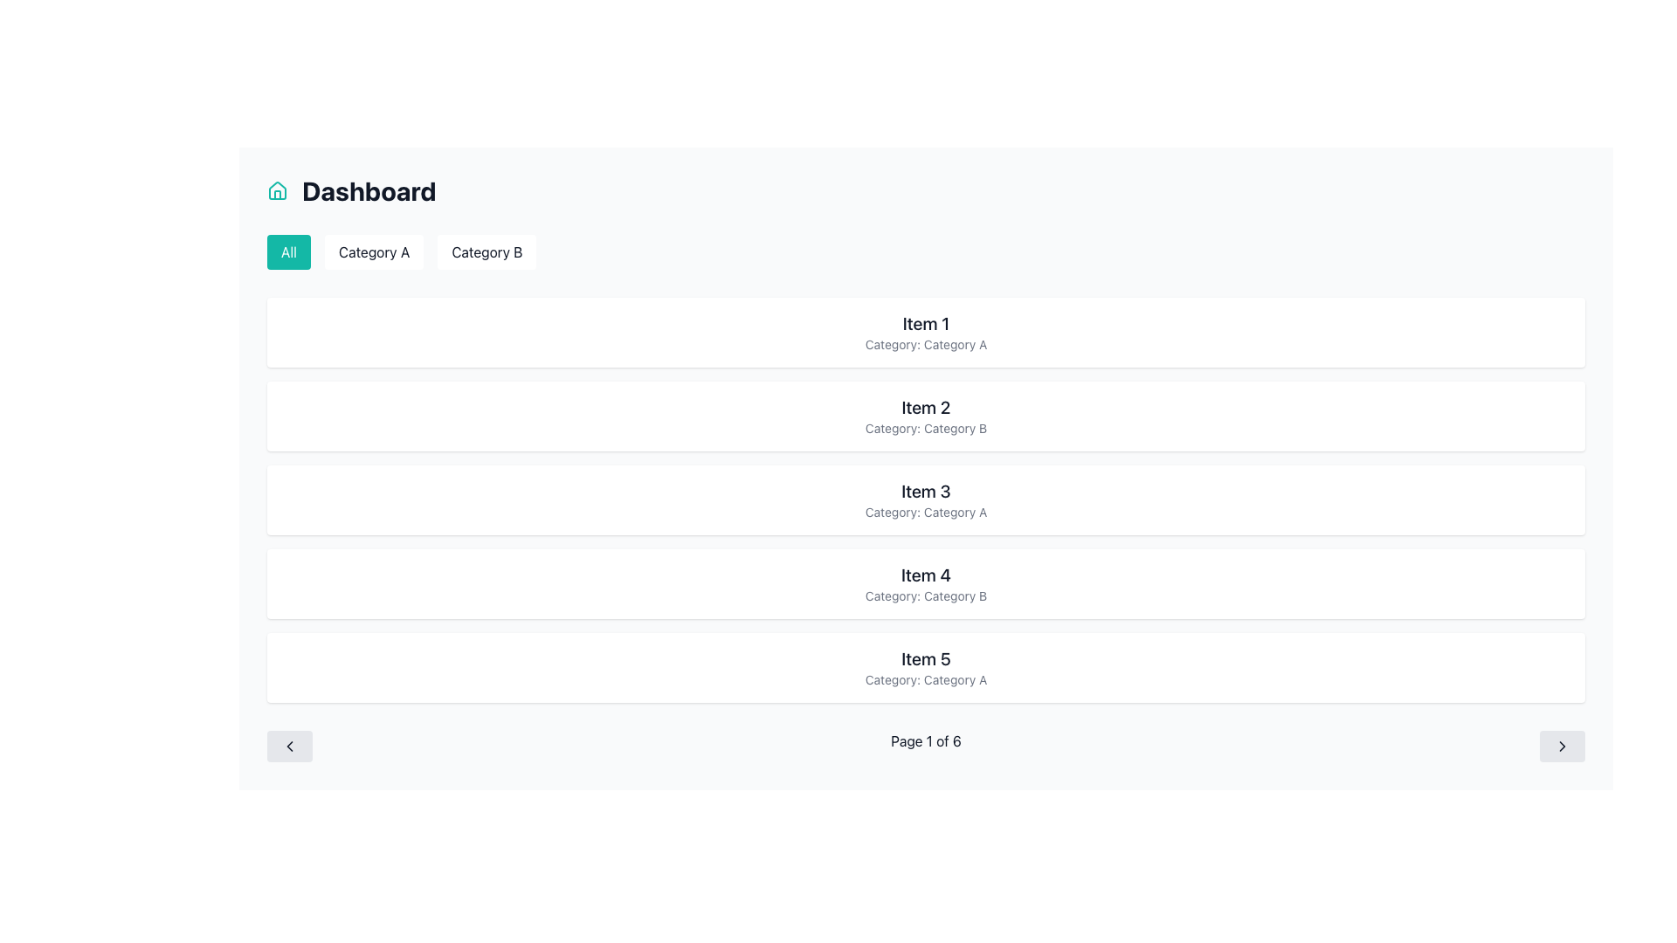  I want to click on the text label that specifies the item belongs to 'Category A', located within the card labeled 'Item 5', which is the second piece of text in that card, so click(925, 679).